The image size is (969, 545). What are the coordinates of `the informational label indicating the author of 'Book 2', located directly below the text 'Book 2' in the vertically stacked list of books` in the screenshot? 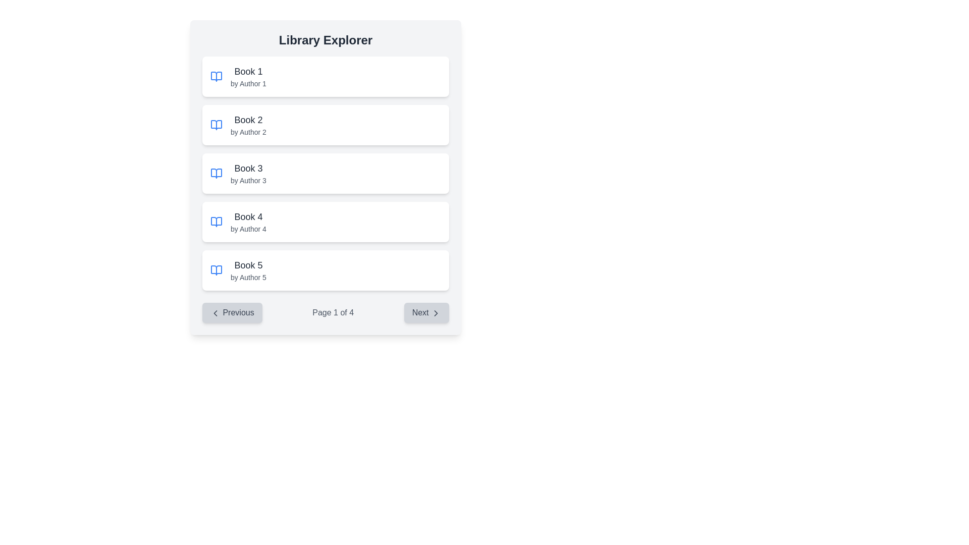 It's located at (248, 132).